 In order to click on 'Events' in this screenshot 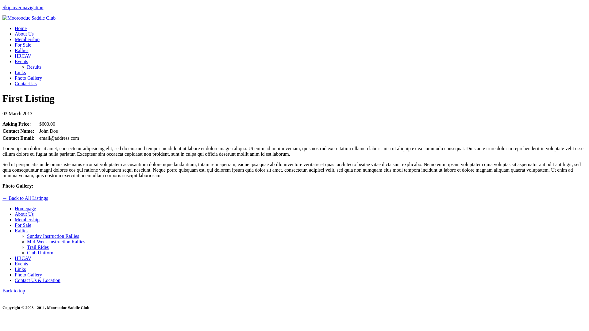, I will do `click(21, 61)`.